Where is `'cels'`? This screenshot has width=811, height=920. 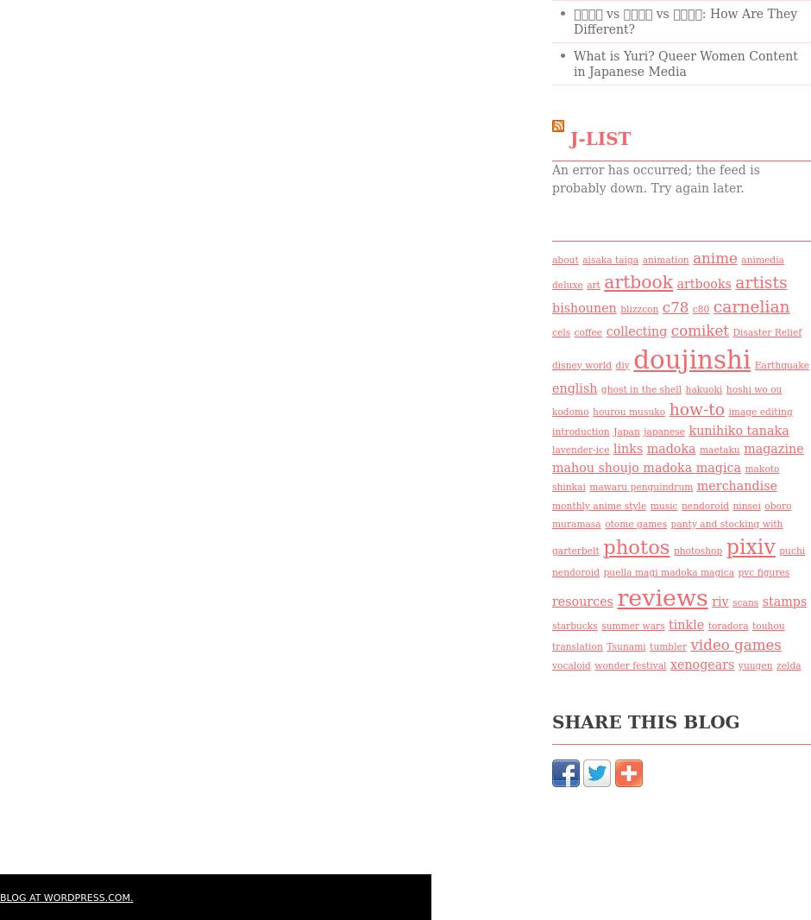 'cels' is located at coordinates (561, 331).